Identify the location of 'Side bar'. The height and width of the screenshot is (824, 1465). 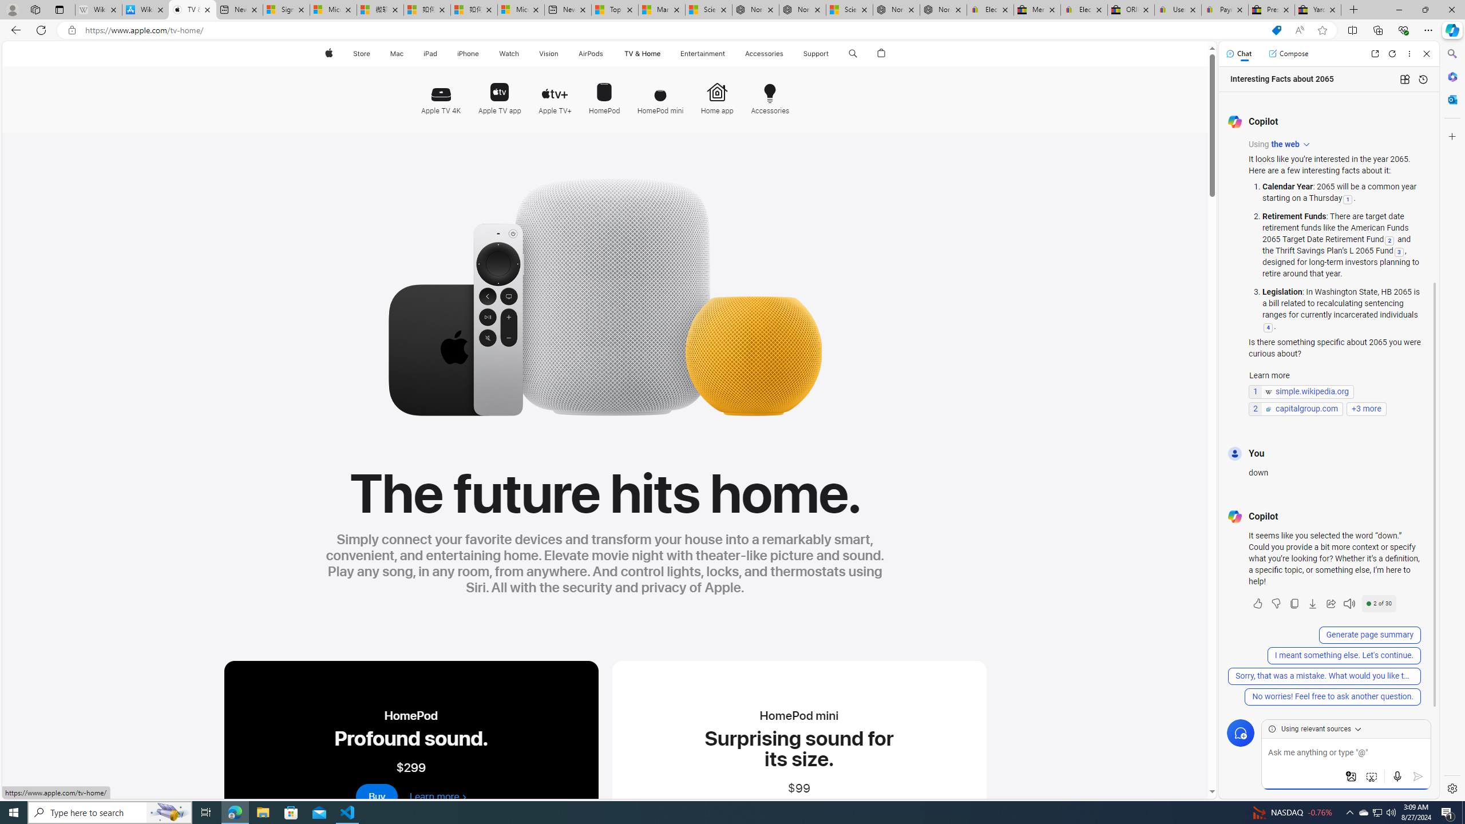
(1452, 421).